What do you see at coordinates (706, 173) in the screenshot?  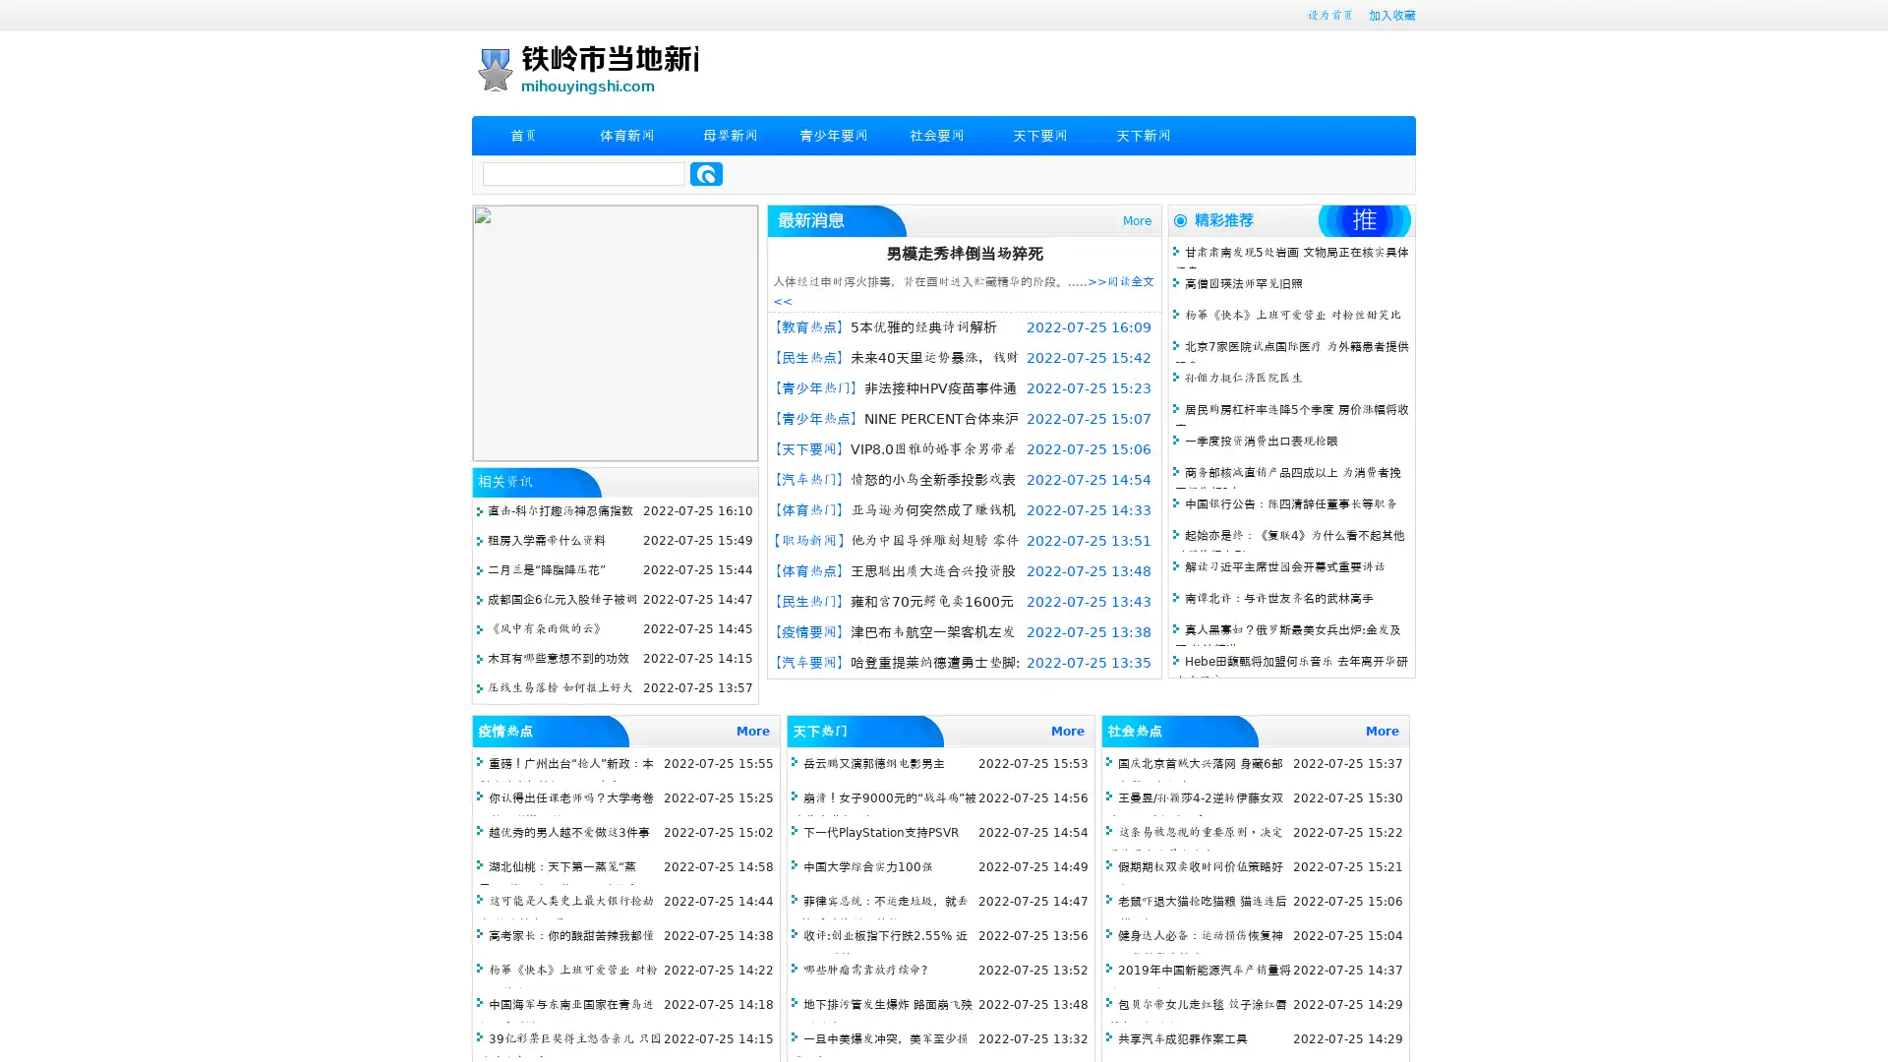 I see `Search` at bounding box center [706, 173].